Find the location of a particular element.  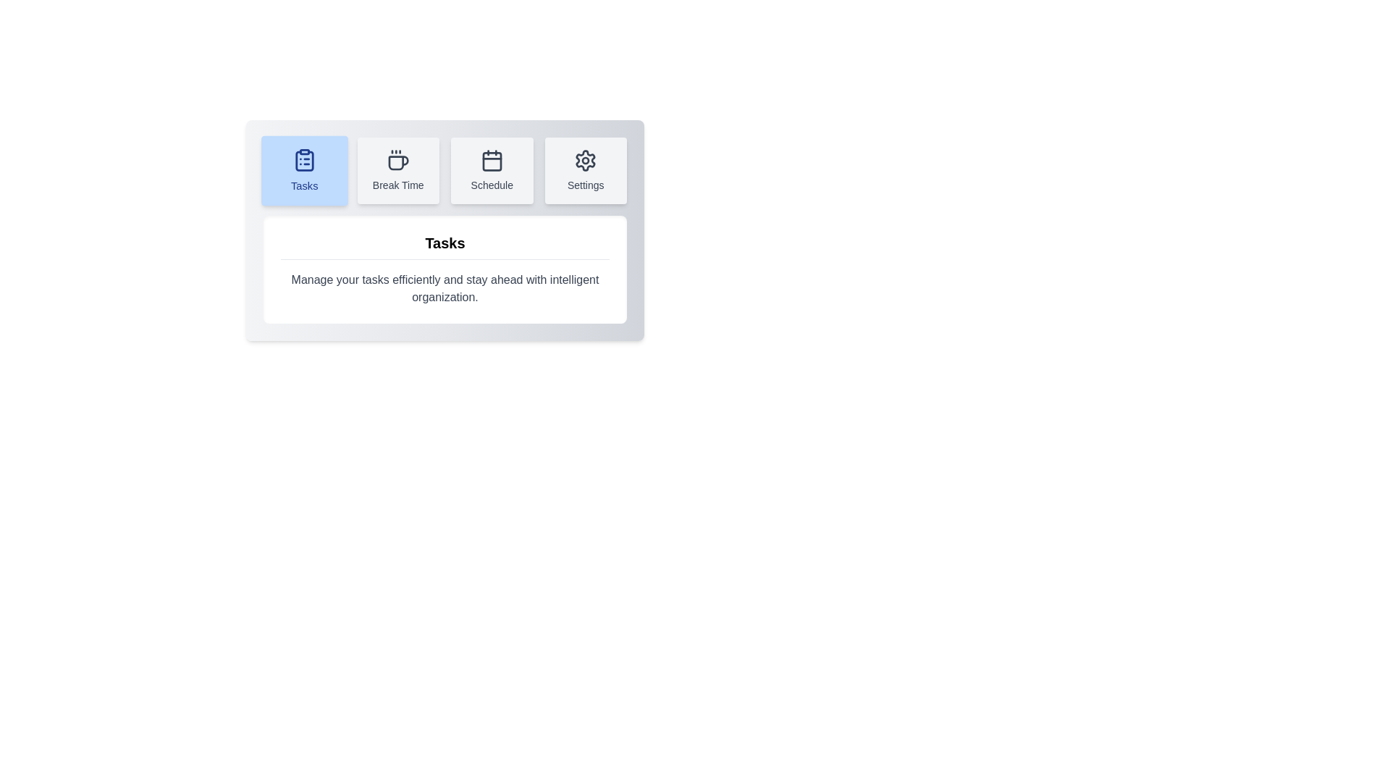

the tab labeled Schedule is located at coordinates (492, 169).